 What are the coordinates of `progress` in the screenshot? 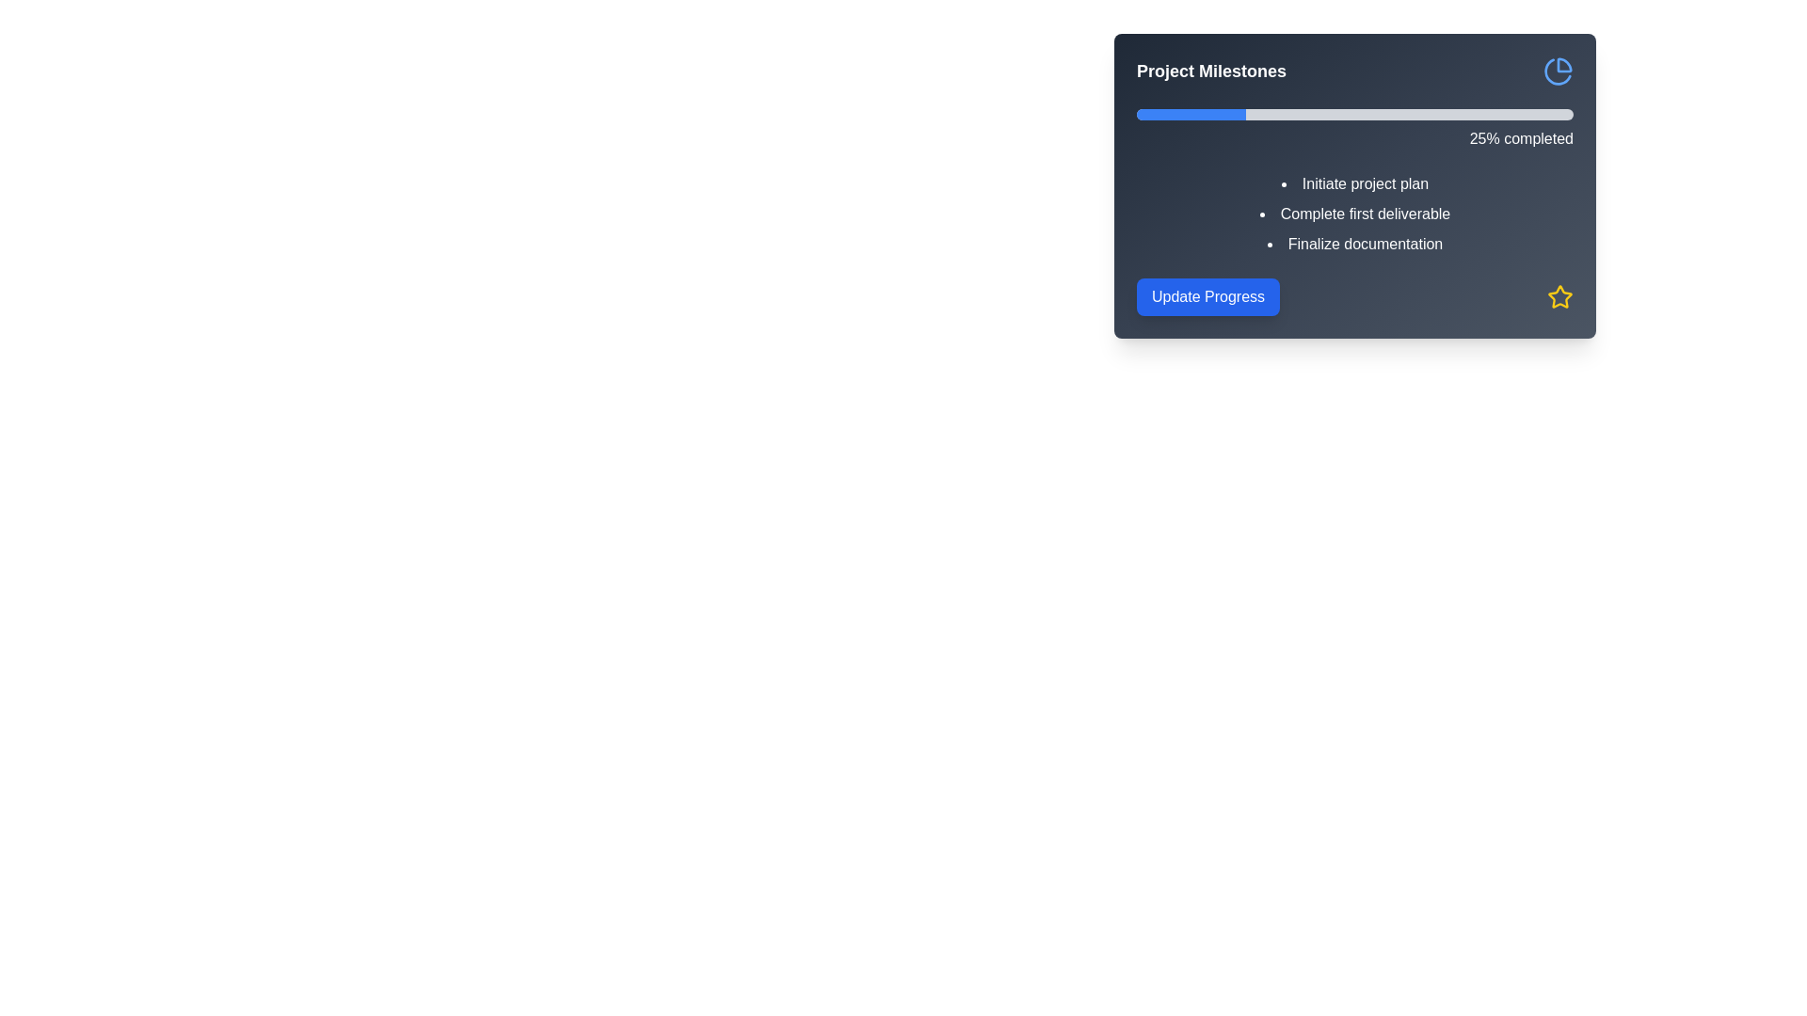 It's located at (1148, 115).